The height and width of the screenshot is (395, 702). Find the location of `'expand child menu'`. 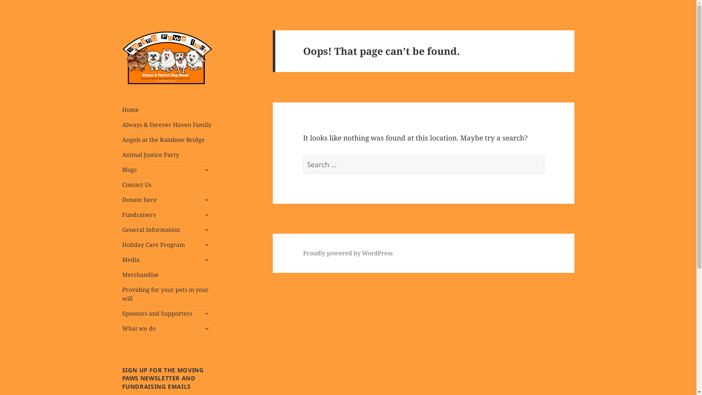

'expand child menu' is located at coordinates (200, 214).